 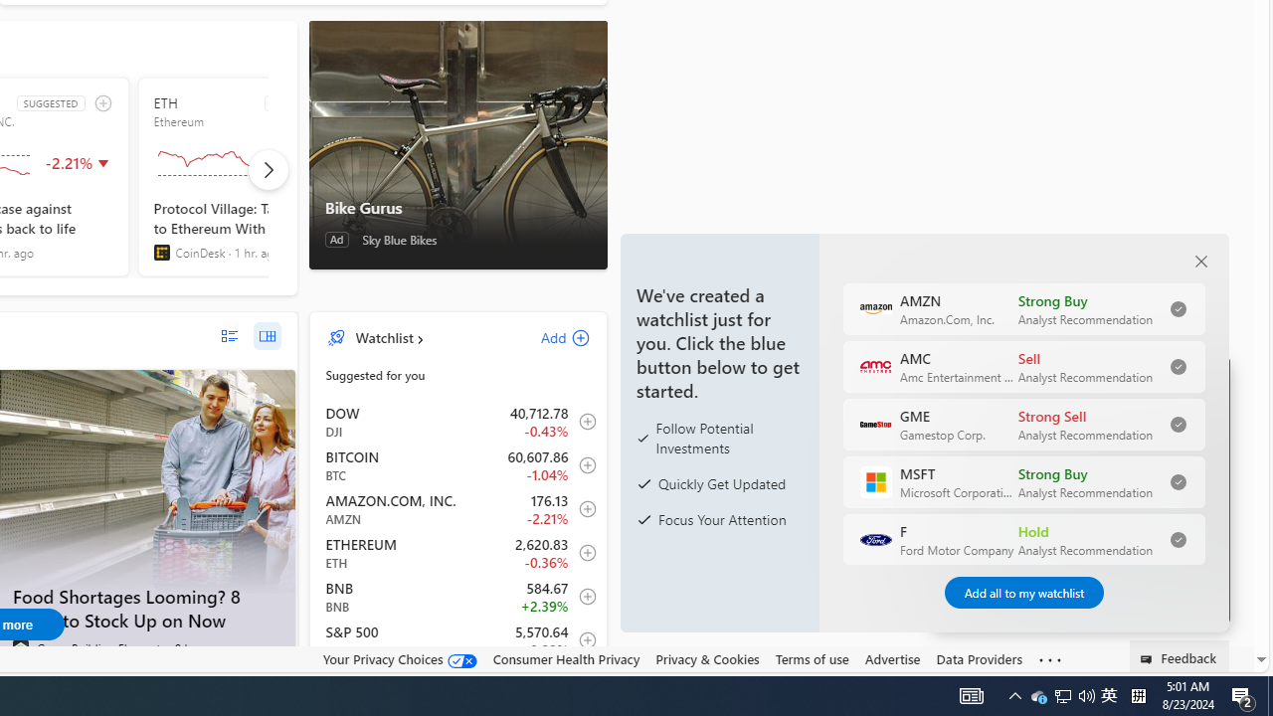 I want to click on 'INX S&P 500 decrease 5,570.64 -50.21 -0.89% item5', so click(x=457, y=640).